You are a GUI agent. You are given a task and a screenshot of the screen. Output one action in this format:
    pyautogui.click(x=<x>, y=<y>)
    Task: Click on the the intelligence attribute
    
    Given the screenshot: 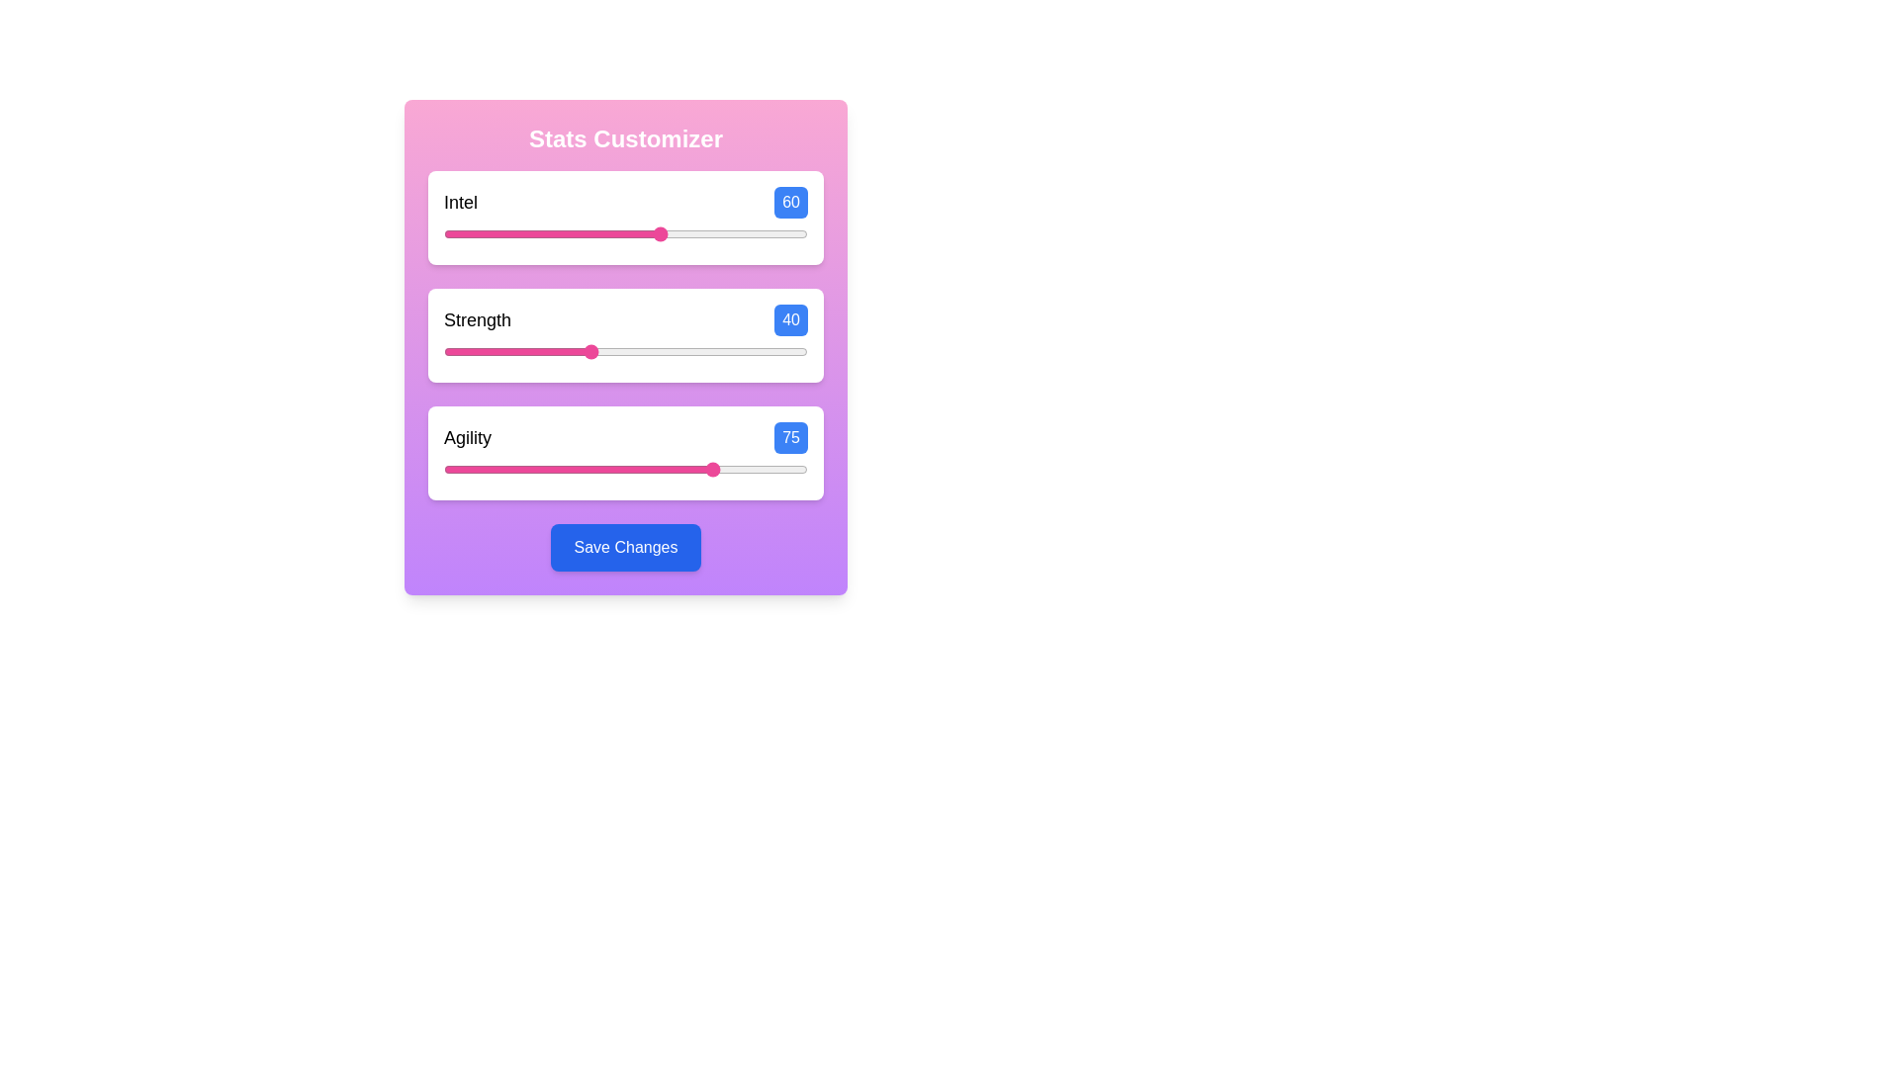 What is the action you would take?
    pyautogui.click(x=687, y=232)
    